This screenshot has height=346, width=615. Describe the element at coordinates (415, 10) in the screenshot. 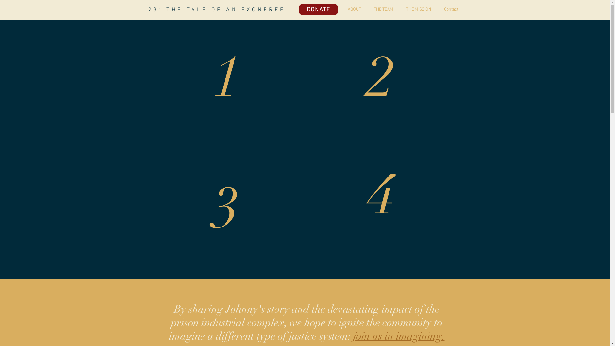

I see `'THE MISSION'` at that location.